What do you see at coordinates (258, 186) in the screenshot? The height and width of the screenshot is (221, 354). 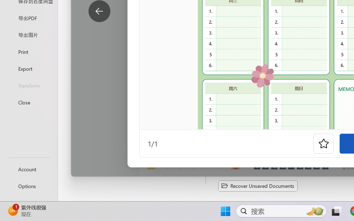 I see `'Recover Unsaved Documents'` at bounding box center [258, 186].